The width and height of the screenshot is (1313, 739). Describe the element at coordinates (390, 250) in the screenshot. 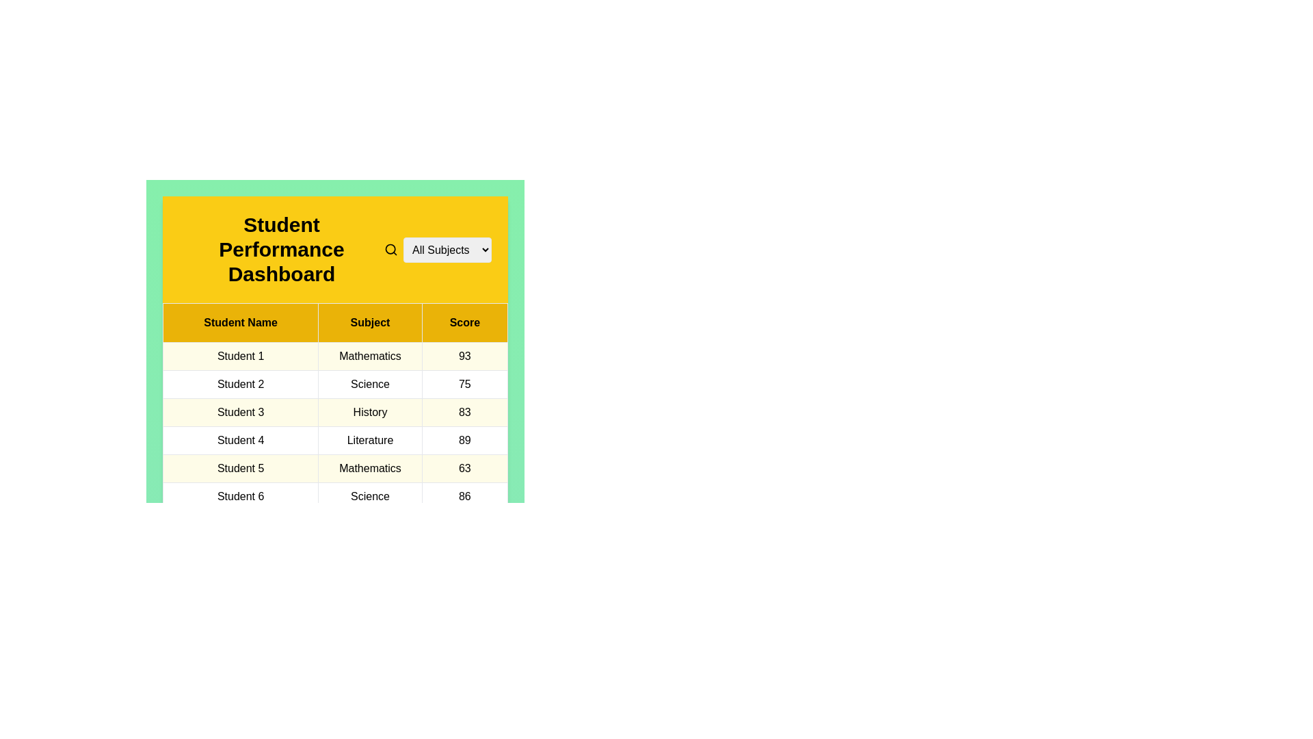

I see `the search icon to activate the search functionality` at that location.